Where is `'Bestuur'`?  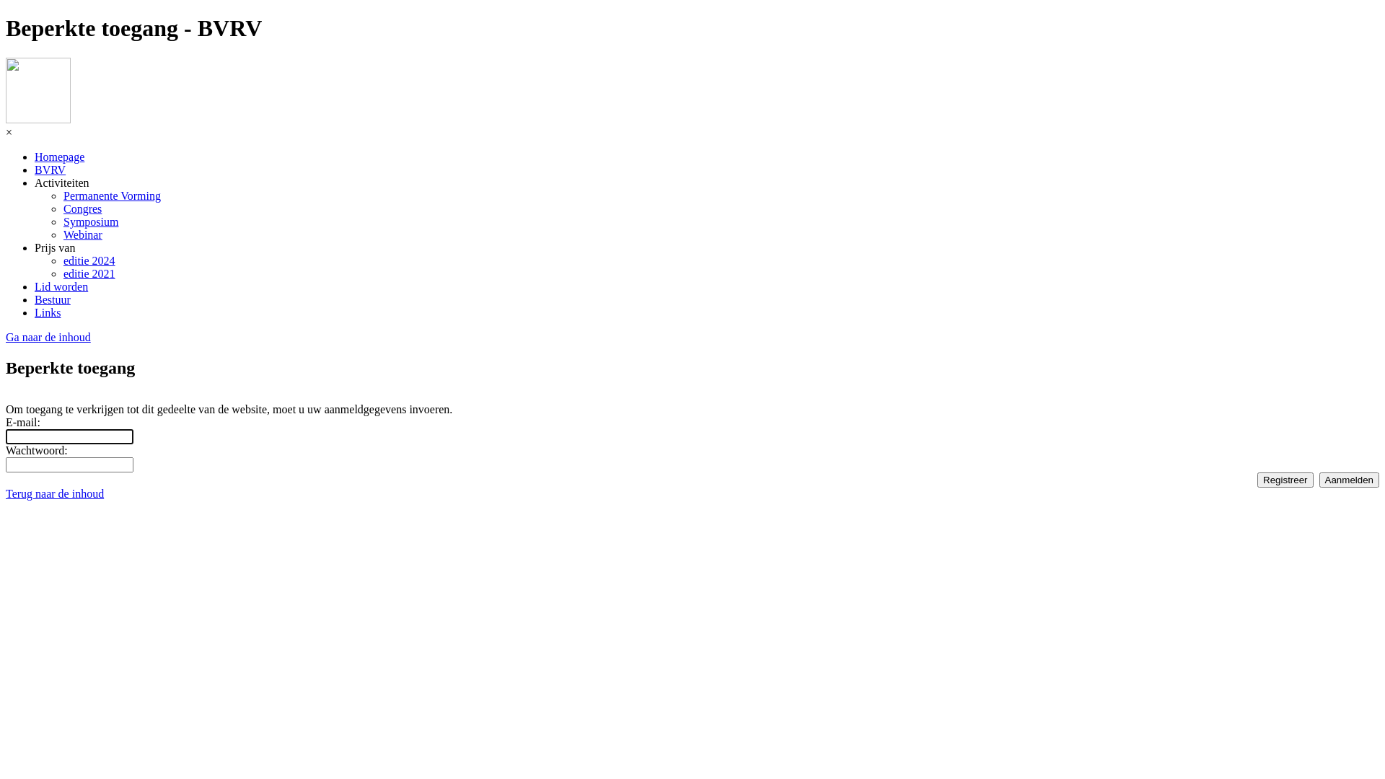 'Bestuur' is located at coordinates (52, 299).